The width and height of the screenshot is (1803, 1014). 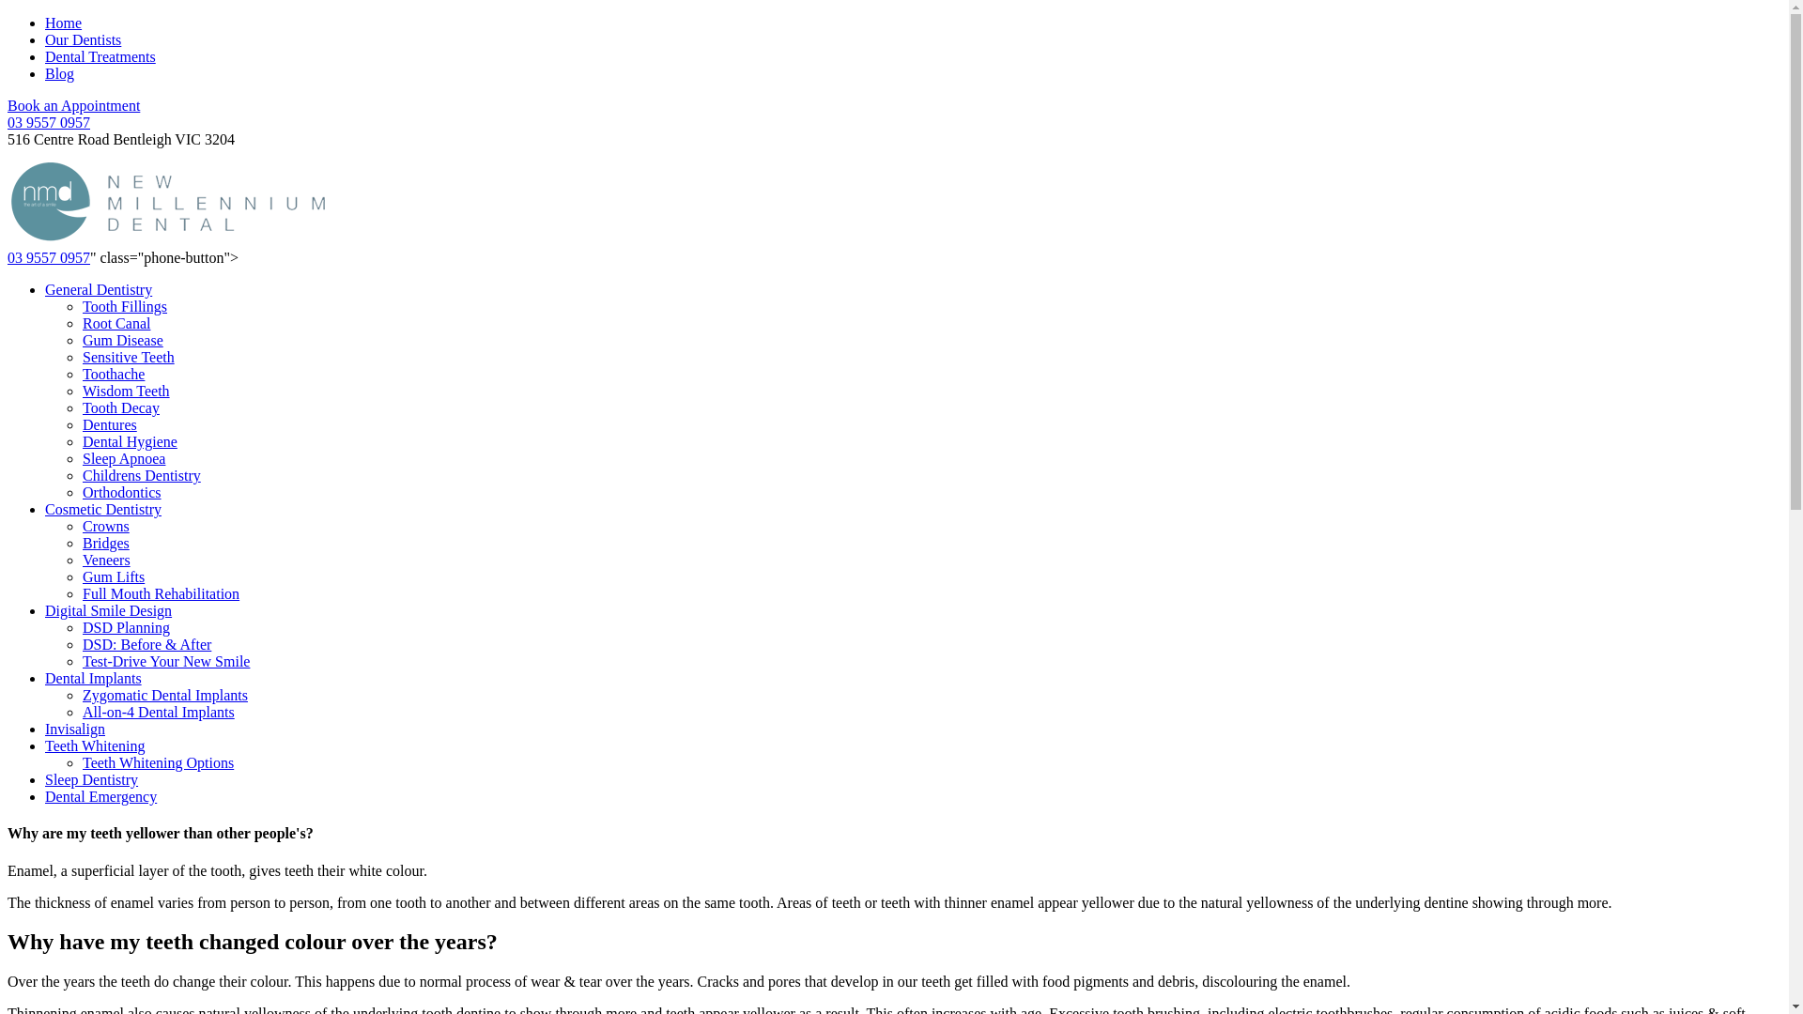 What do you see at coordinates (158, 762) in the screenshot?
I see `'Teeth Whitening Options'` at bounding box center [158, 762].